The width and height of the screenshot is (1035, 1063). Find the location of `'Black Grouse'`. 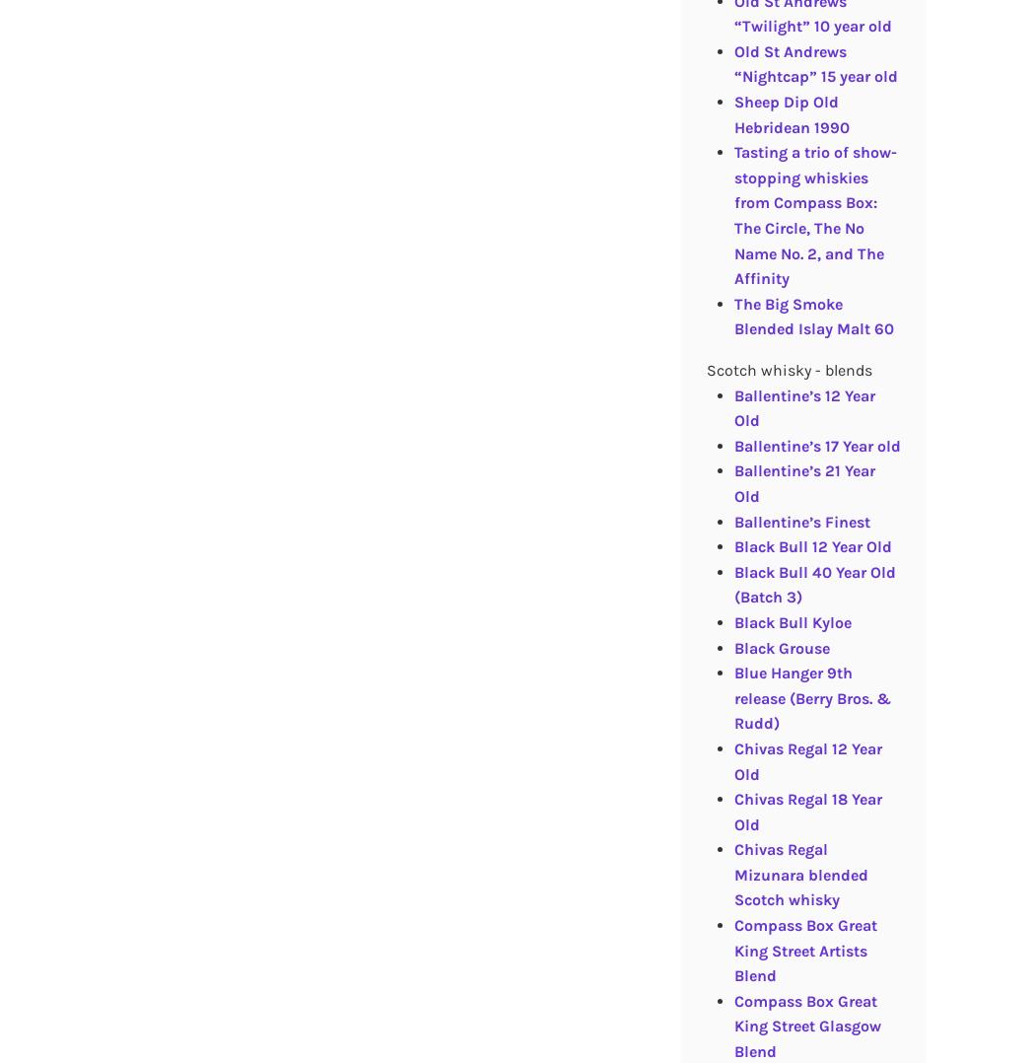

'Black Grouse' is located at coordinates (780, 647).